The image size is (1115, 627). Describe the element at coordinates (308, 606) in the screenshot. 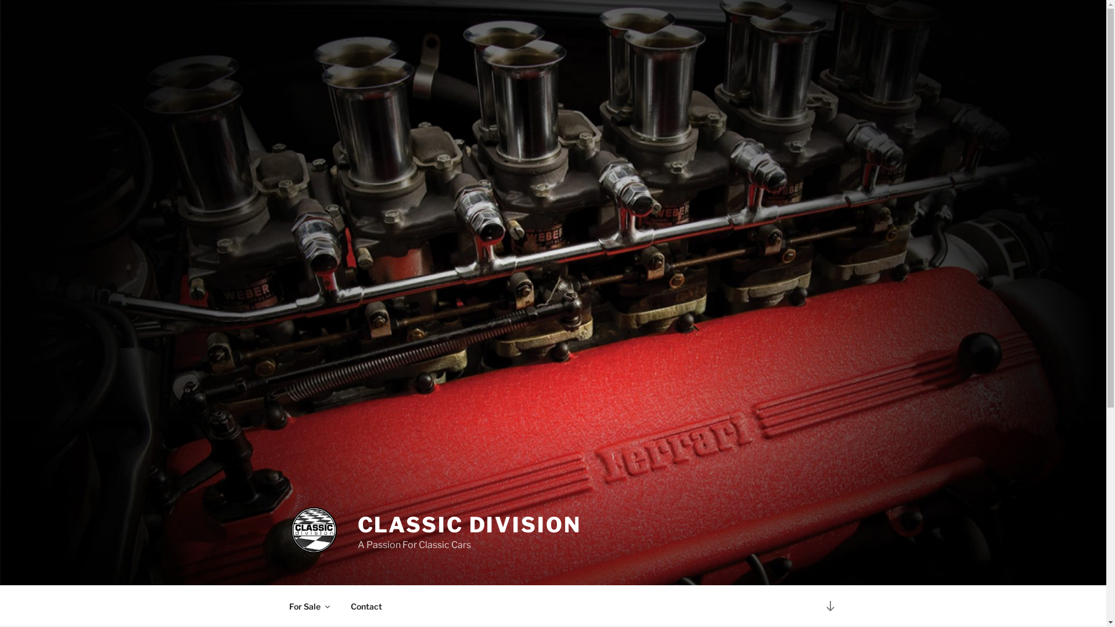

I see `'For Sale'` at that location.